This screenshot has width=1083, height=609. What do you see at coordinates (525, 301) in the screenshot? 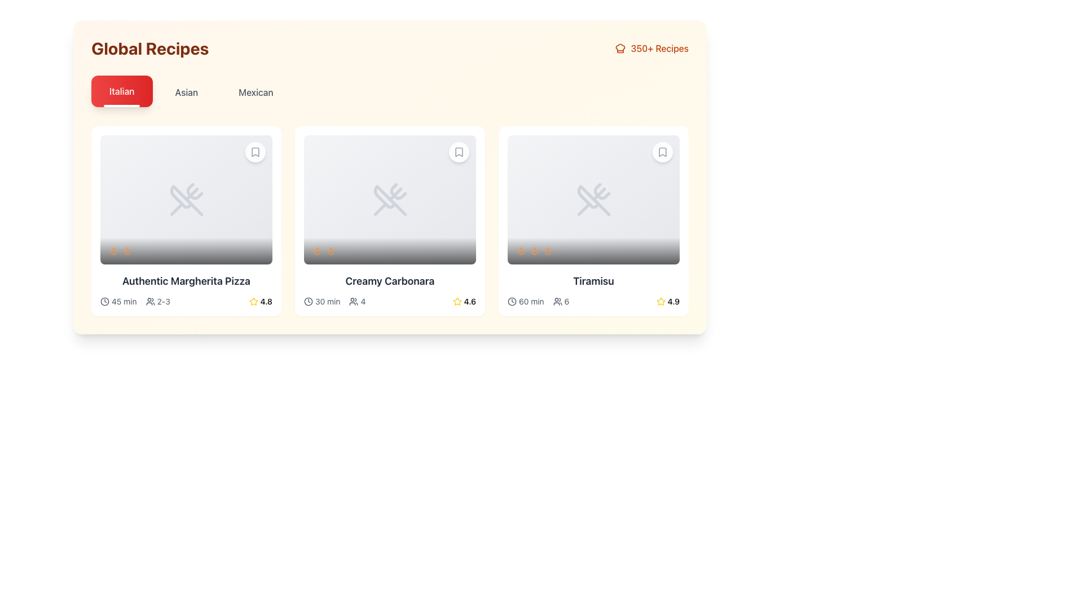
I see `the clock symbol icon indicating the preparation time of the 'Tiramisu' recipe located in the bottom-left corner of the recipe card` at bounding box center [525, 301].